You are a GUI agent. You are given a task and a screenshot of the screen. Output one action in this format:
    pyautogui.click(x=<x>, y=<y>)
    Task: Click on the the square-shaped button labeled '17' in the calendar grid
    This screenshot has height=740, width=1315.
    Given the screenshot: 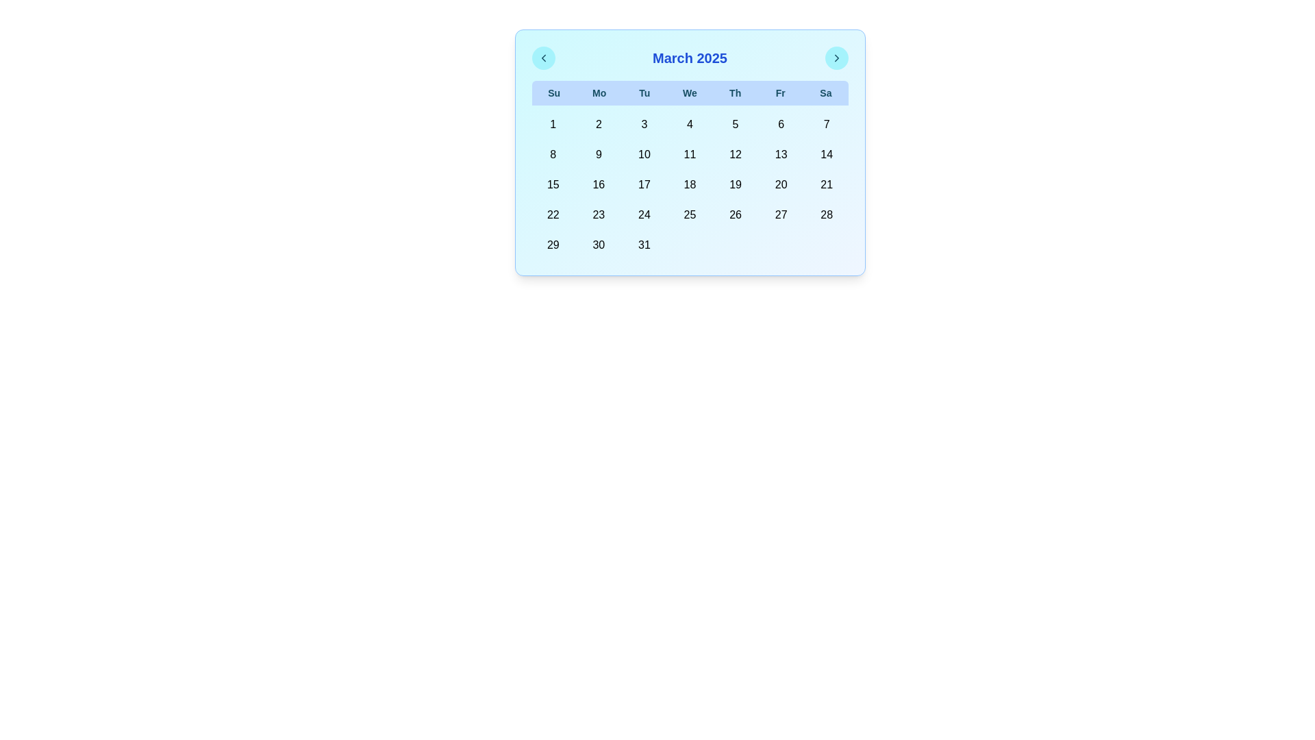 What is the action you would take?
    pyautogui.click(x=643, y=185)
    